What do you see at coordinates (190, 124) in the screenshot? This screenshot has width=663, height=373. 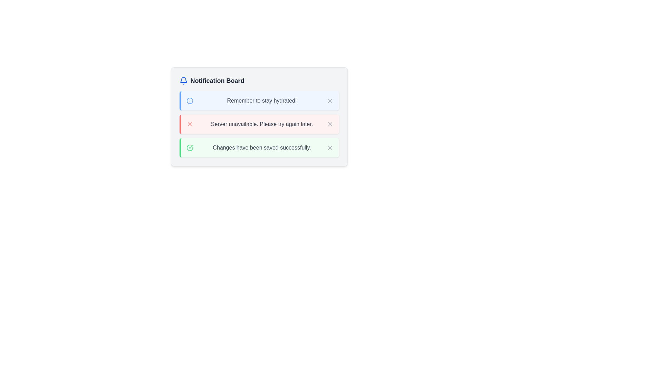 I see `the error icon located in the top left corner of the notification card that indicates 'Server unavailable. Please try again later.'` at bounding box center [190, 124].